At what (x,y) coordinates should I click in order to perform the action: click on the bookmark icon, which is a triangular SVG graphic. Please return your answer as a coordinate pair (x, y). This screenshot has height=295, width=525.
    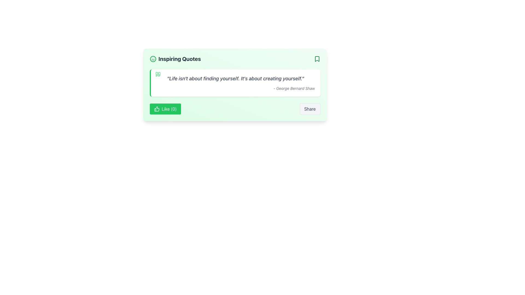
    Looking at the image, I should click on (317, 59).